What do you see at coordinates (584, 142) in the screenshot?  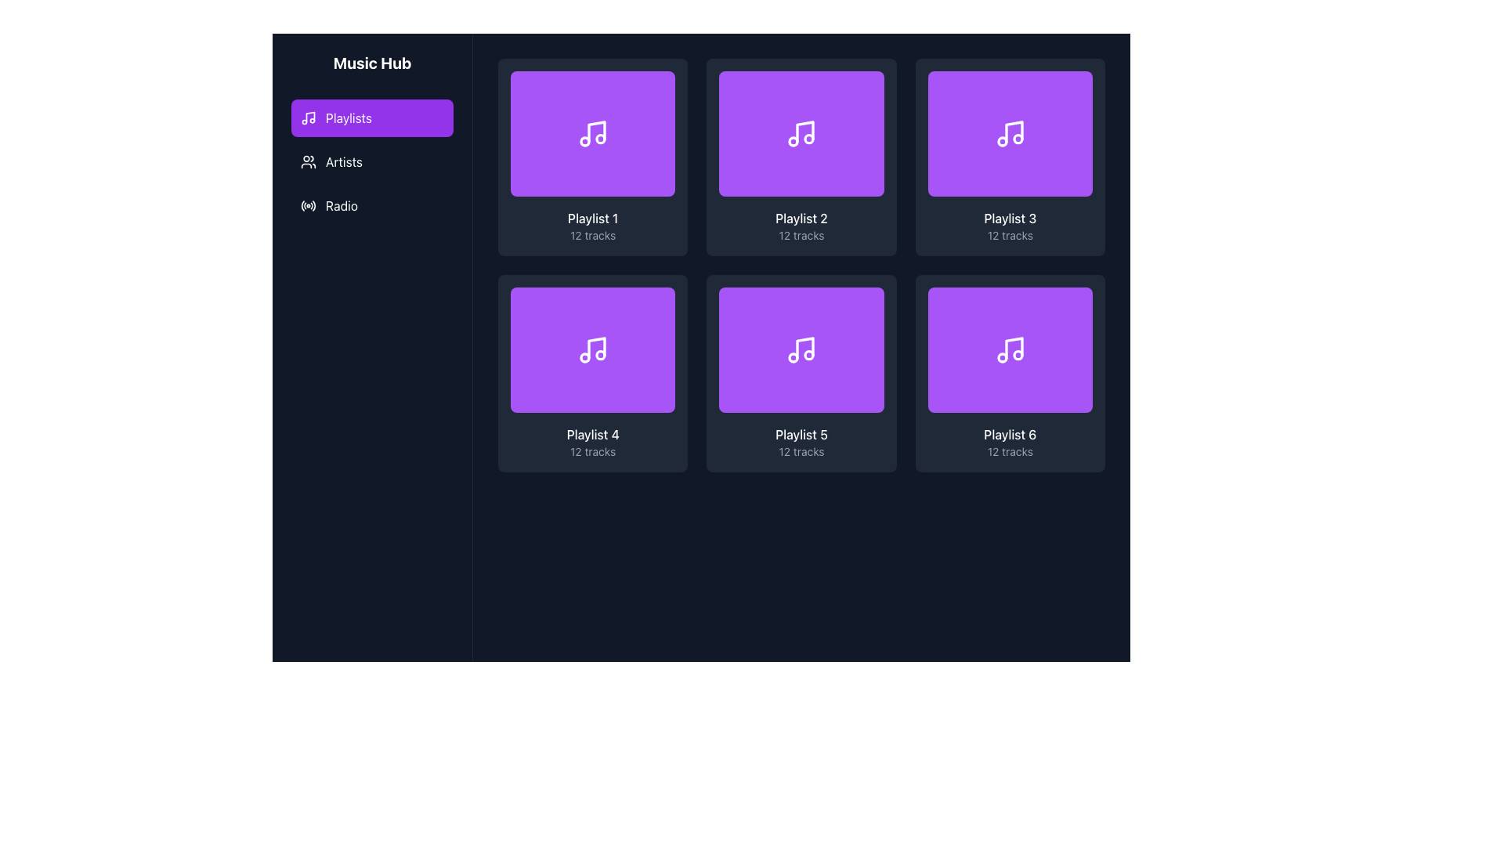 I see `the SVG circle element that is part of the music note icon in the first tile of the grid labeled 'Playlist 1'. This element is positioned closest to the bottom-left within the icon` at bounding box center [584, 142].